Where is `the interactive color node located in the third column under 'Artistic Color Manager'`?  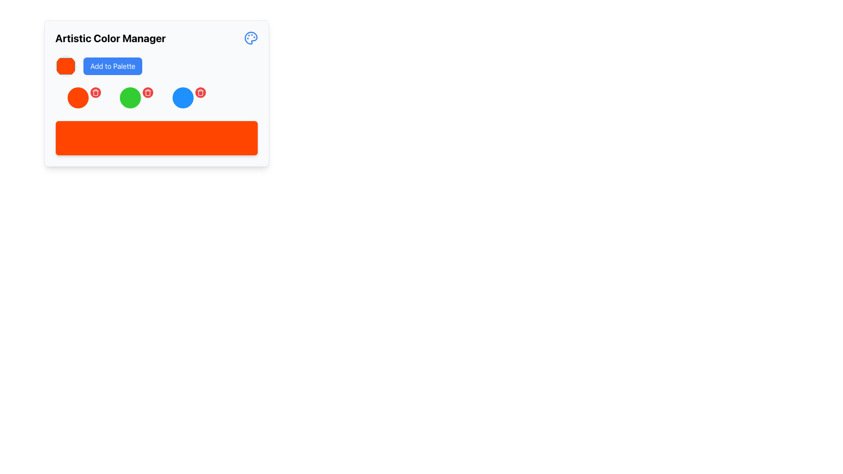
the interactive color node located in the third column under 'Artistic Color Manager' is located at coordinates (182, 98).